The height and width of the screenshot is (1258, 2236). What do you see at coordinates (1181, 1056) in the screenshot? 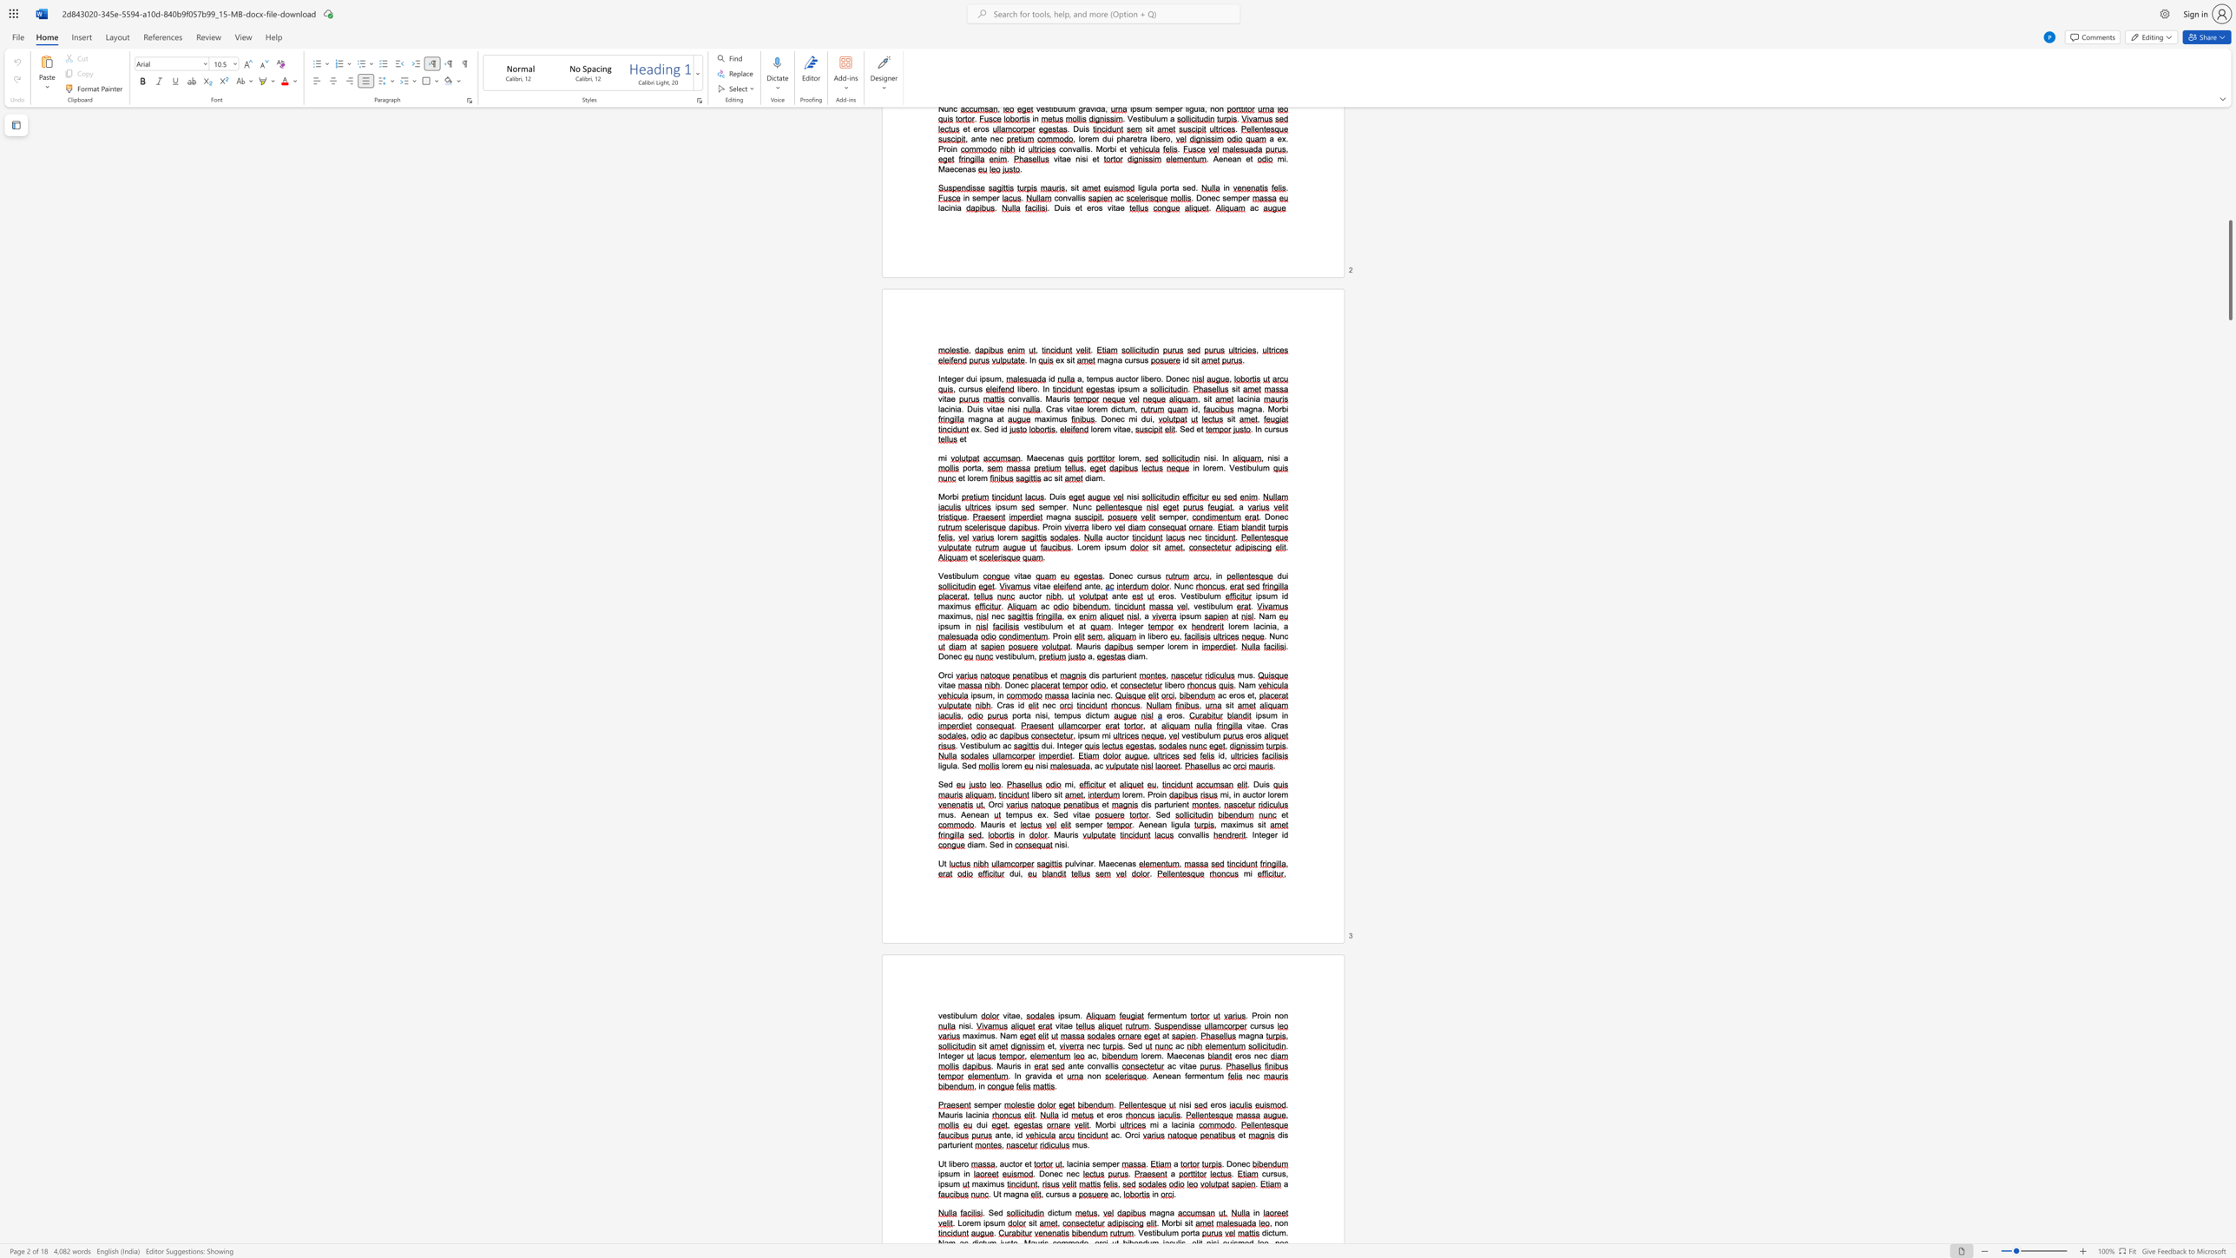
I see `the space between the continuous character "e" and "c" in the text` at bounding box center [1181, 1056].